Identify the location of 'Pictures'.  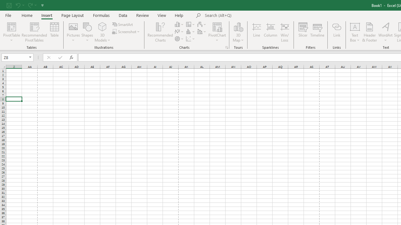
(73, 32).